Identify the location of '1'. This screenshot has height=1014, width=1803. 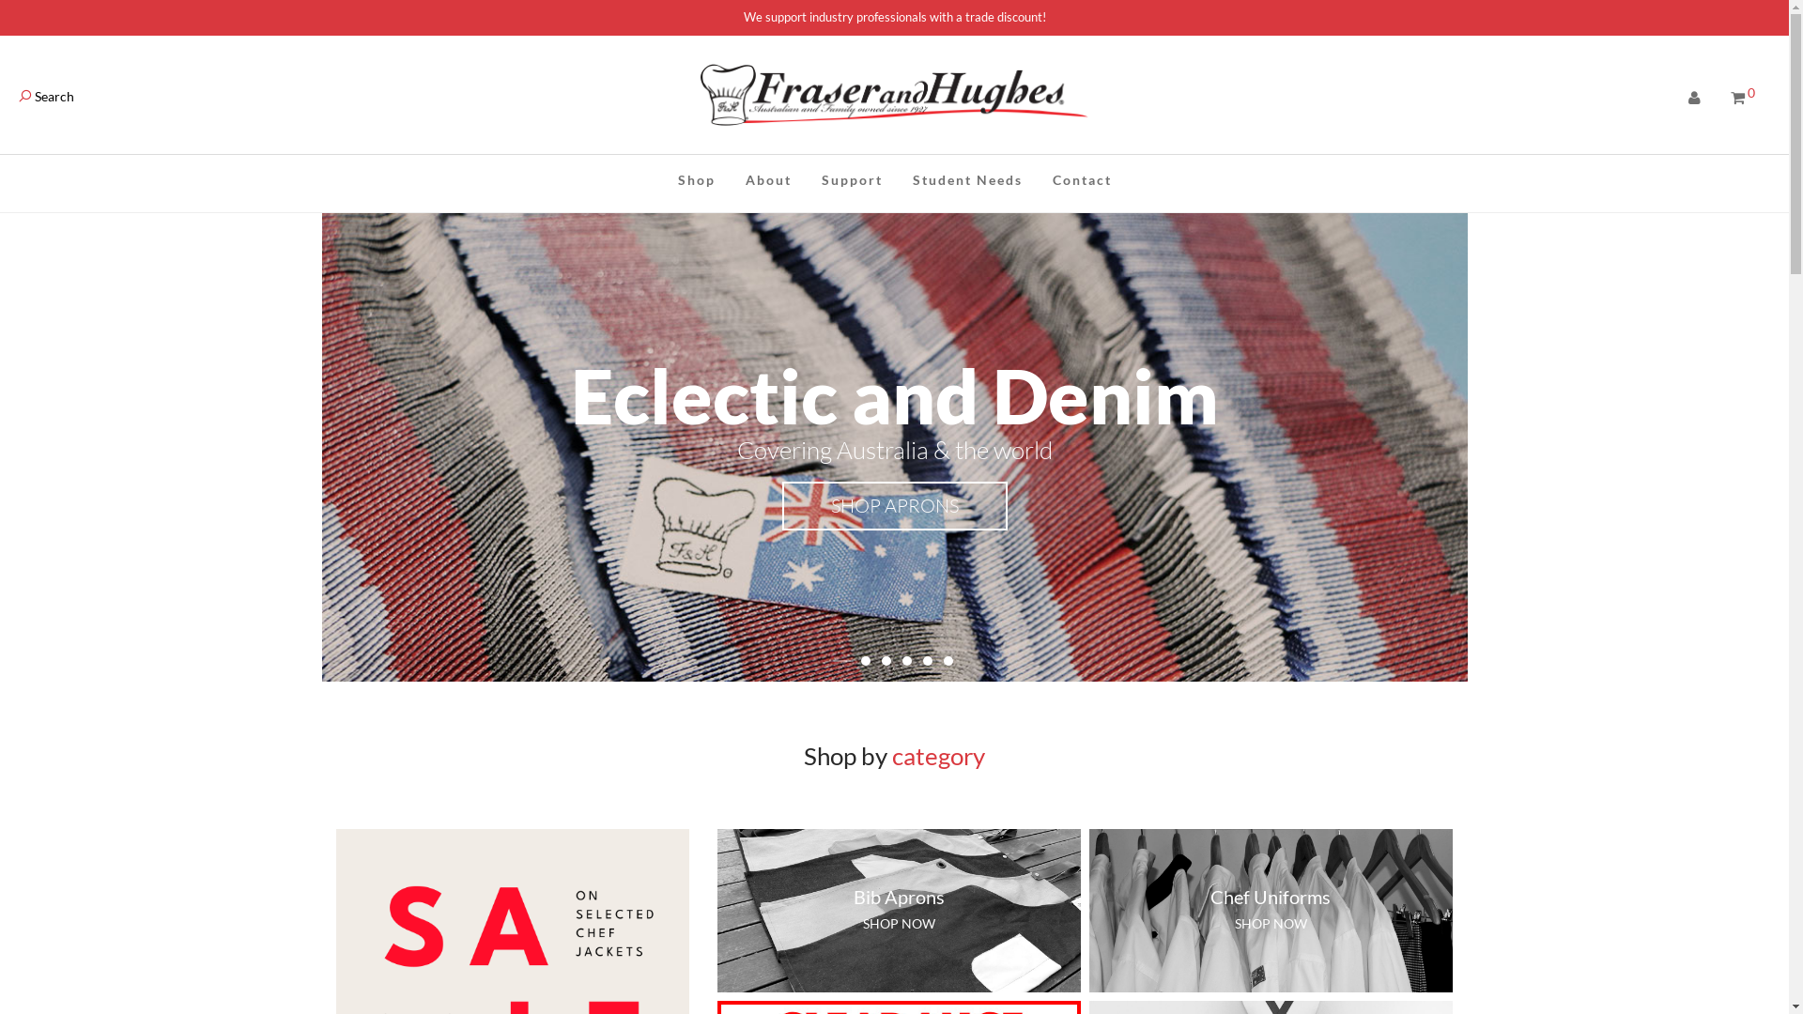
(841, 660).